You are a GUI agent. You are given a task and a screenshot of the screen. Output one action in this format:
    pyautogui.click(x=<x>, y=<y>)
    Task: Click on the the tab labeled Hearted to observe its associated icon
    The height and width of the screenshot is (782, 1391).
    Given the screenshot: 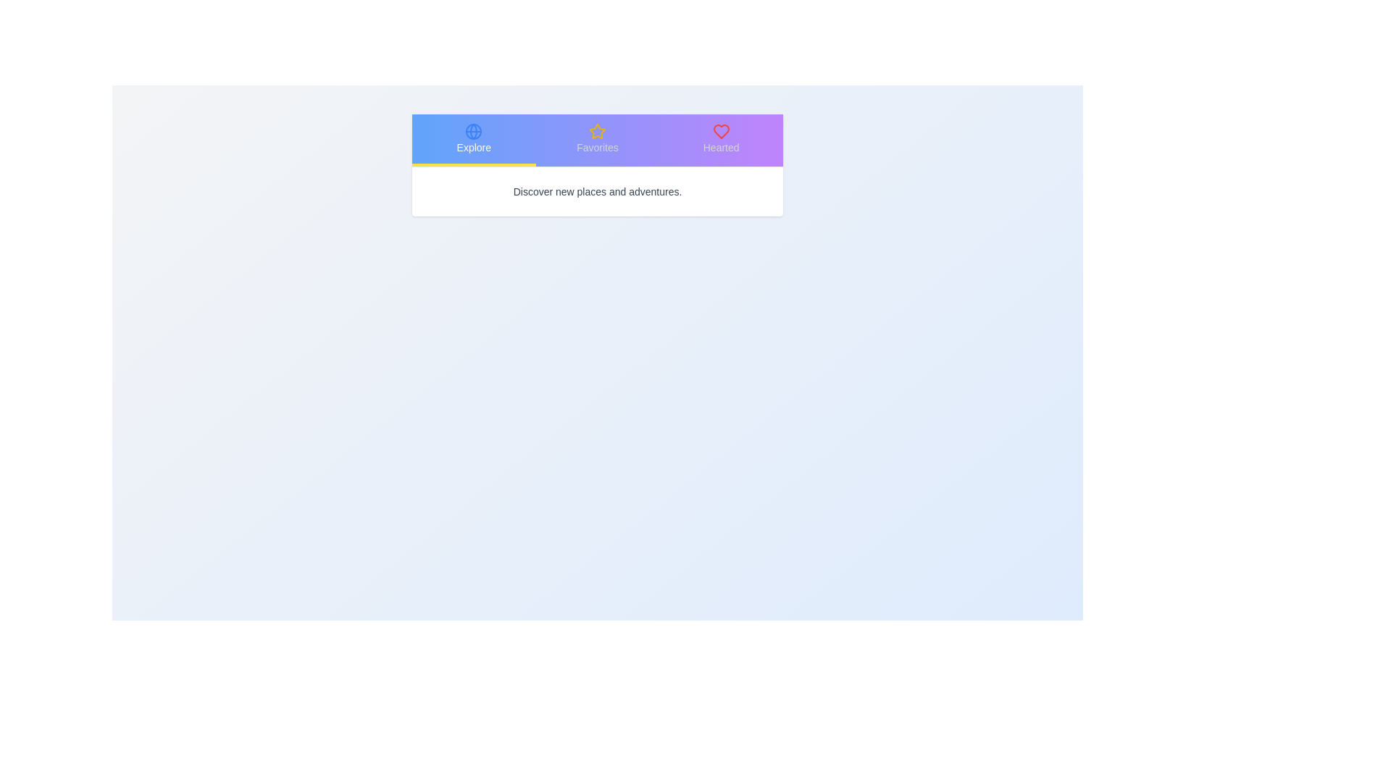 What is the action you would take?
    pyautogui.click(x=721, y=140)
    